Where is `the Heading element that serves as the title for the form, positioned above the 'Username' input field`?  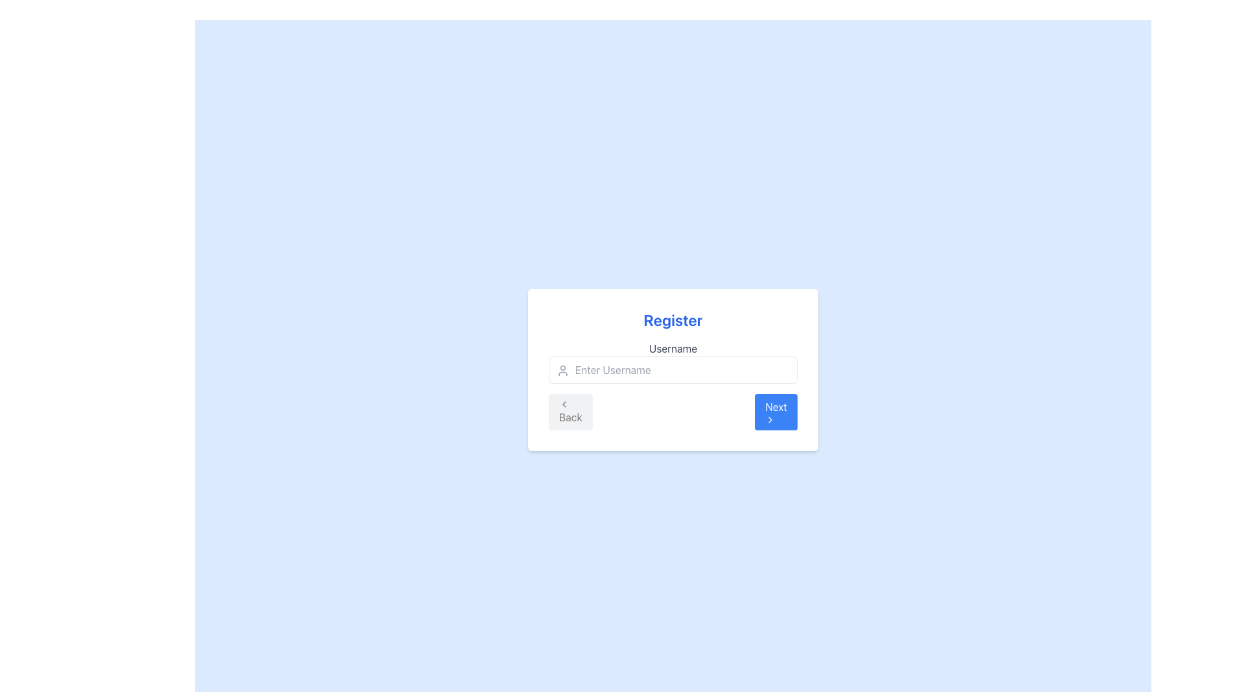
the Heading element that serves as the title for the form, positioned above the 'Username' input field is located at coordinates (673, 320).